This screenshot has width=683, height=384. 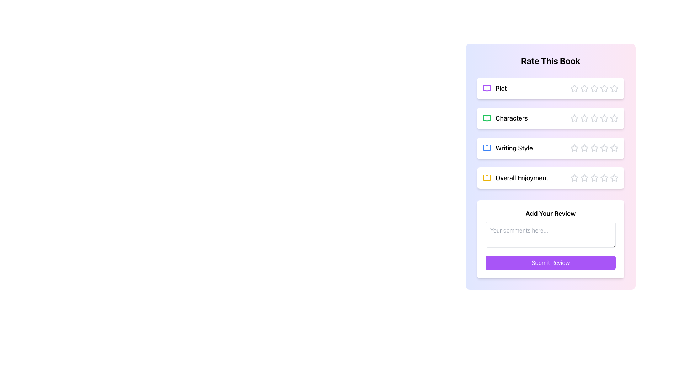 I want to click on the 'Writing Style' label in the 'Rate This Book' section, which is the third item in a vertical list of ratings, so click(x=507, y=148).